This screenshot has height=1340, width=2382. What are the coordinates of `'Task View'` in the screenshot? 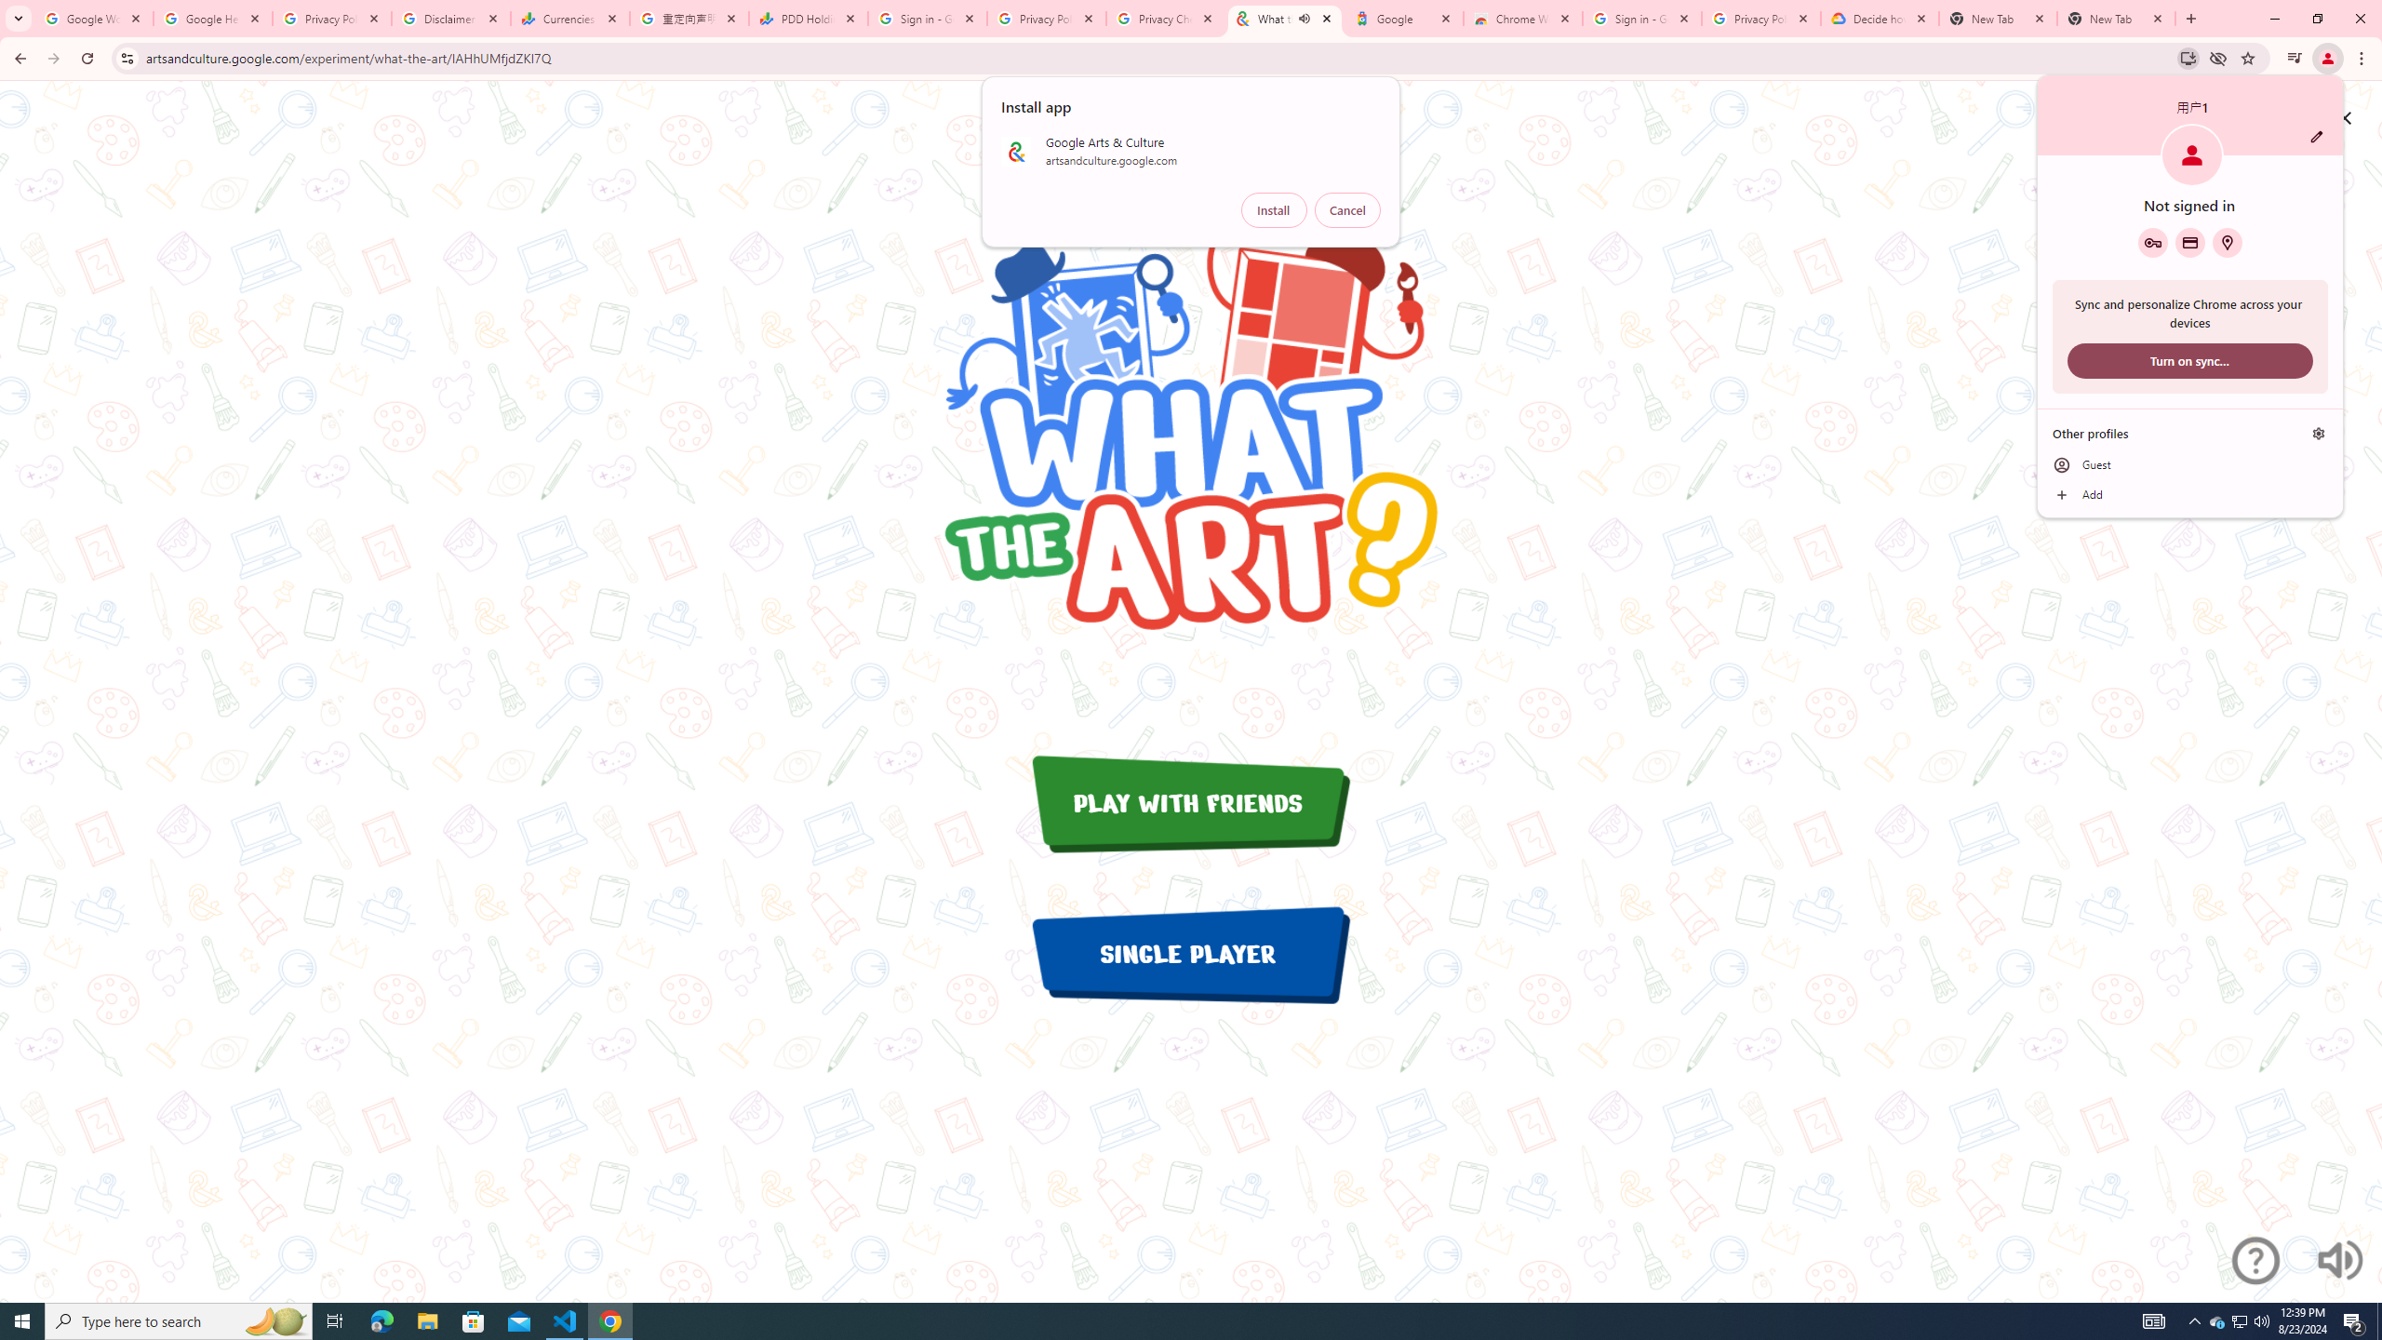 It's located at (333, 1320).